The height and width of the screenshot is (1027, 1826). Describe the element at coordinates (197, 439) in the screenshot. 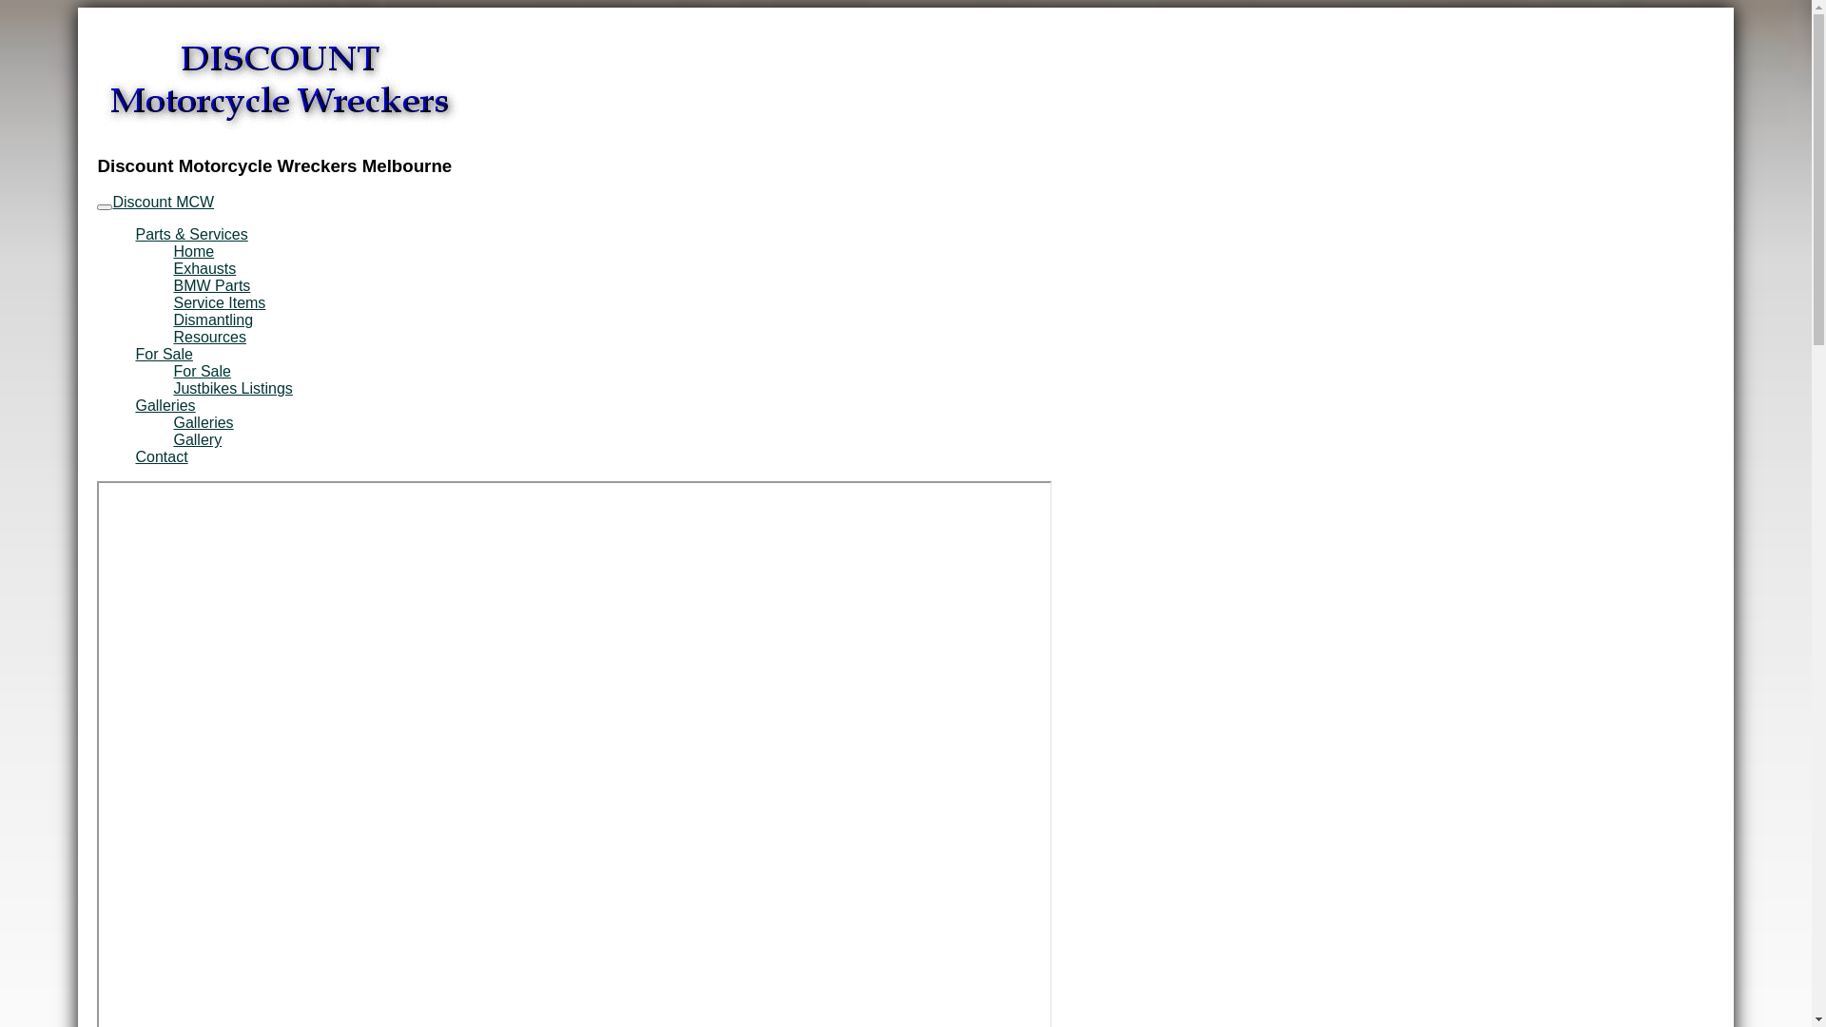

I see `'Gallery'` at that location.